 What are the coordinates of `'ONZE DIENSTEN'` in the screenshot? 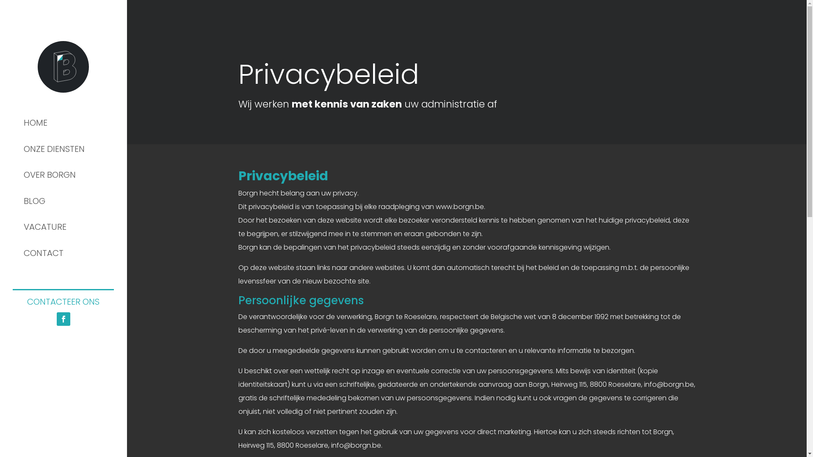 It's located at (17, 148).